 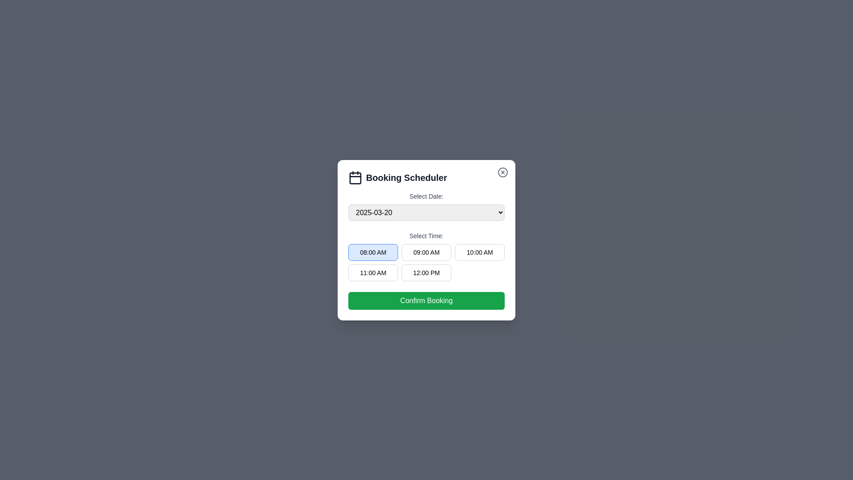 What do you see at coordinates (503, 172) in the screenshot?
I see `the circular outline of the 'close' icon in the top-right corner of the modal` at bounding box center [503, 172].